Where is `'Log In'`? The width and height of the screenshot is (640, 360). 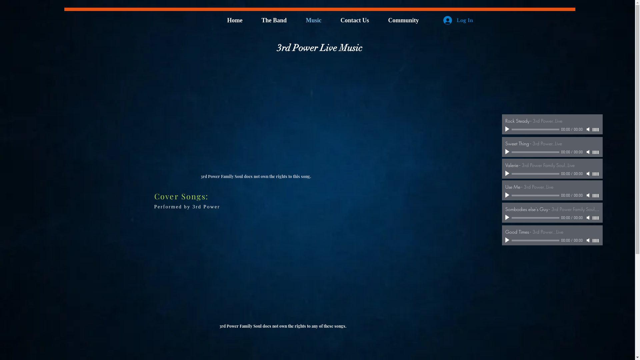 'Log In' is located at coordinates (458, 20).